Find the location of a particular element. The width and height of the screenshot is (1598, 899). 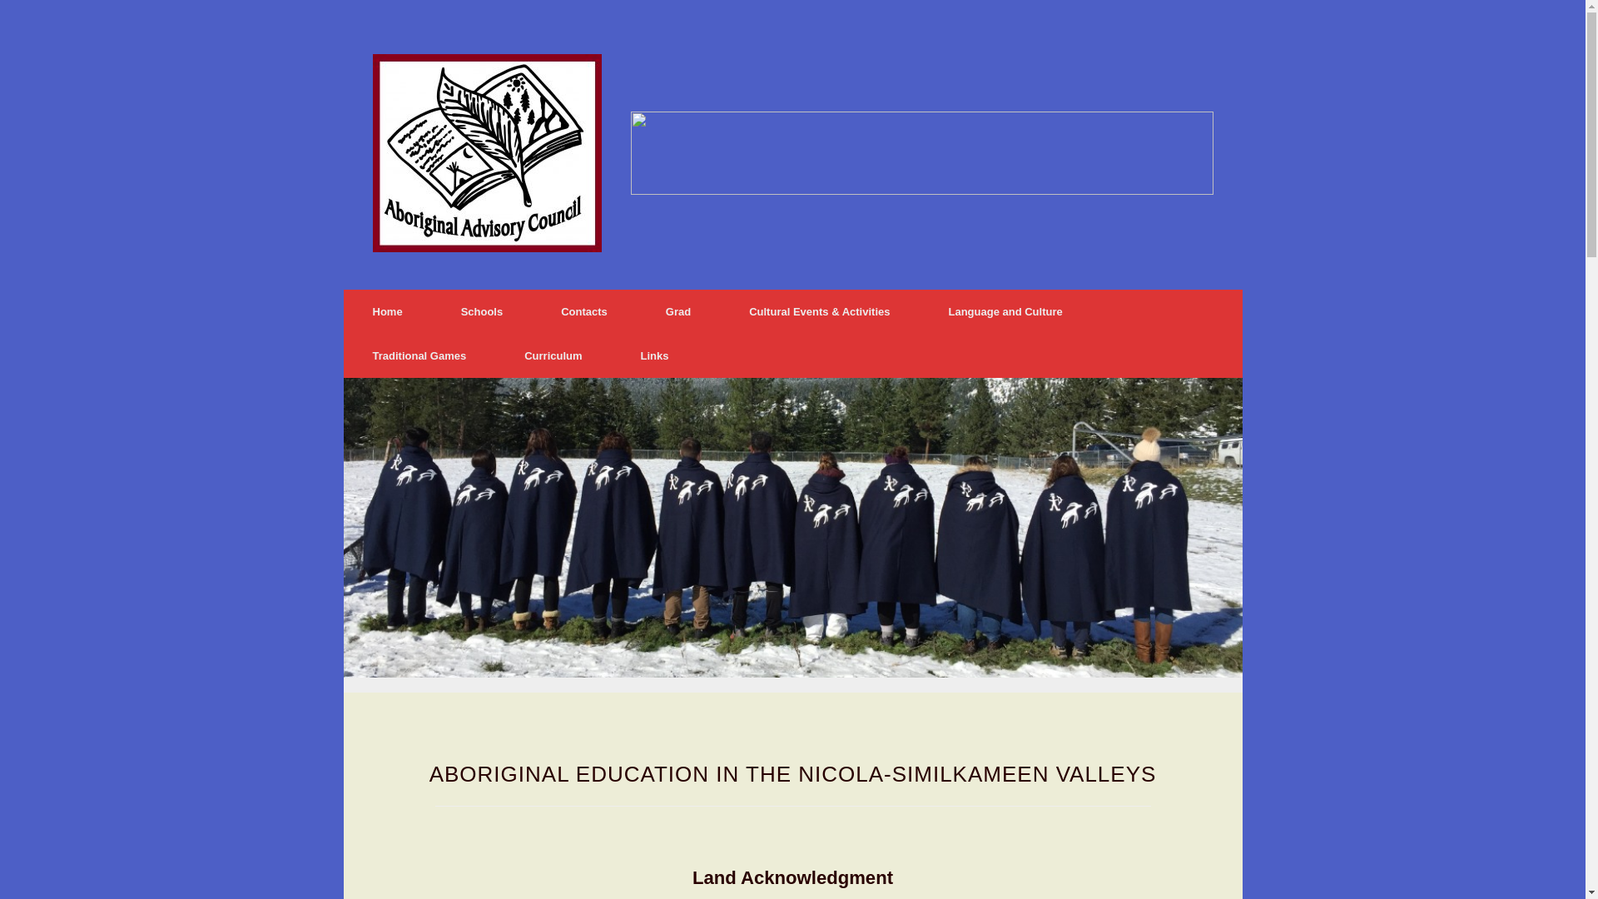

'Schools' is located at coordinates (481, 311).